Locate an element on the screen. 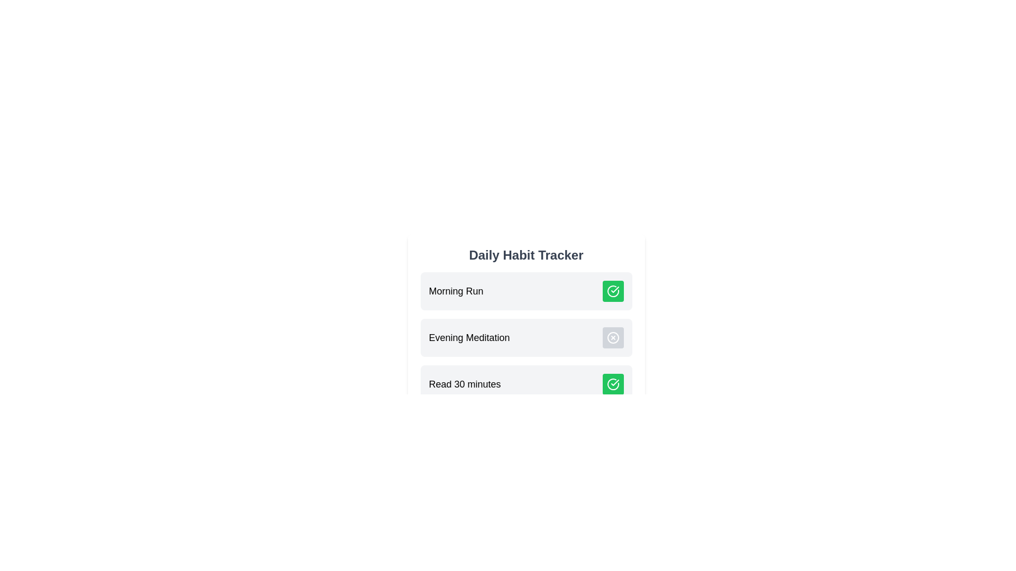 This screenshot has width=1016, height=571. the circular checkmark icon within a bordered circle, which is the third icon under 'Daily Habit Tracker' for the 'Read 30 minutes' task is located at coordinates (613, 291).